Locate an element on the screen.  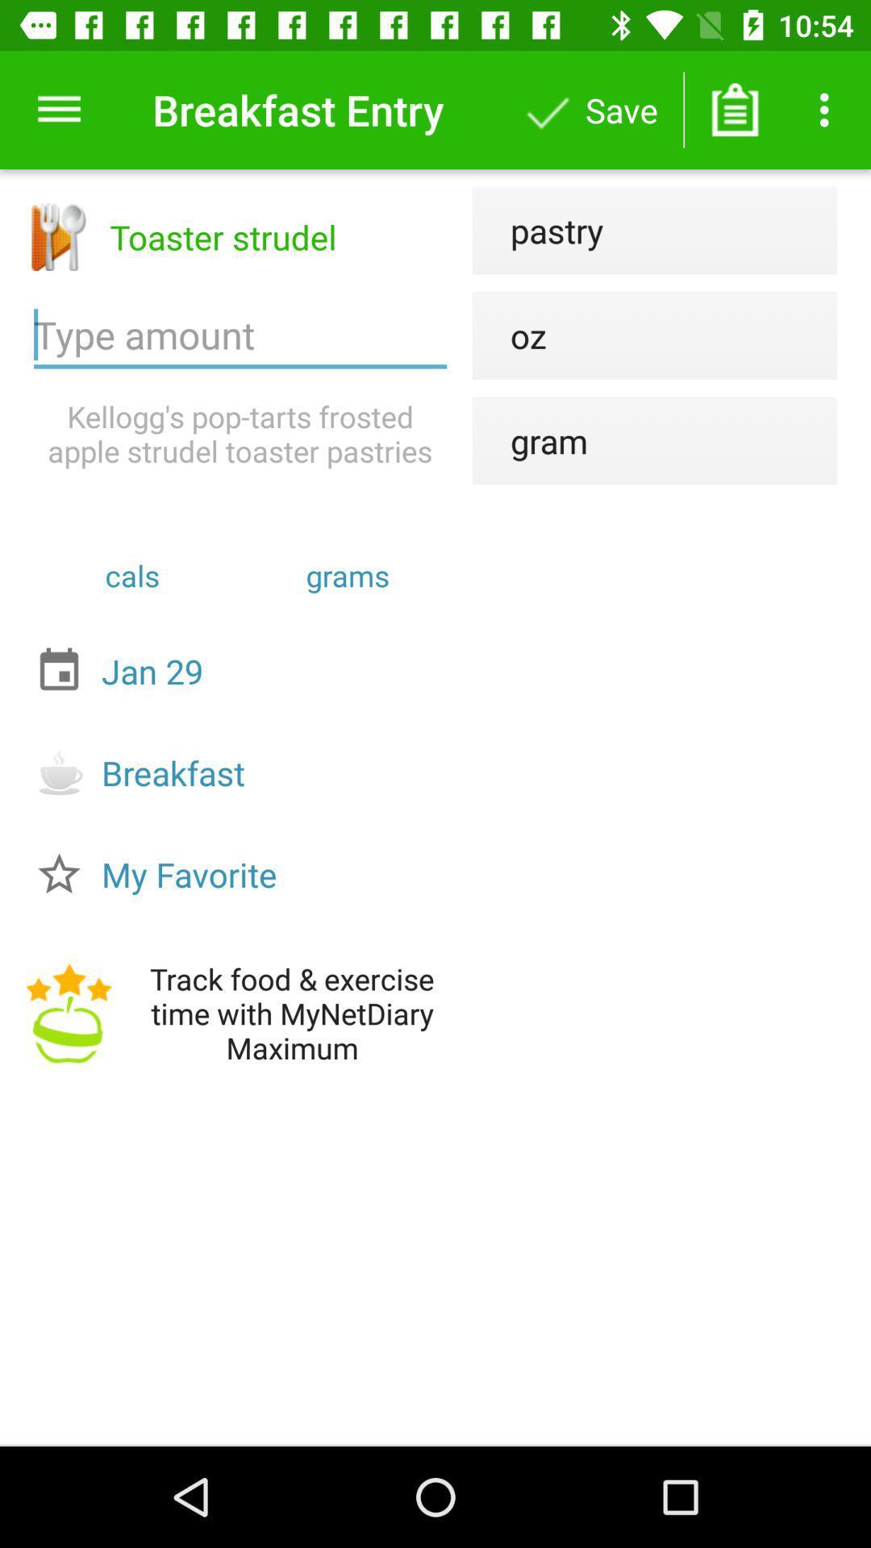
the   oz icon is located at coordinates (509, 335).